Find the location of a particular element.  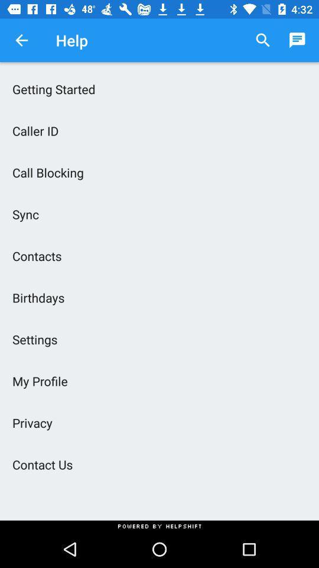

the item below contacts icon is located at coordinates (159, 297).